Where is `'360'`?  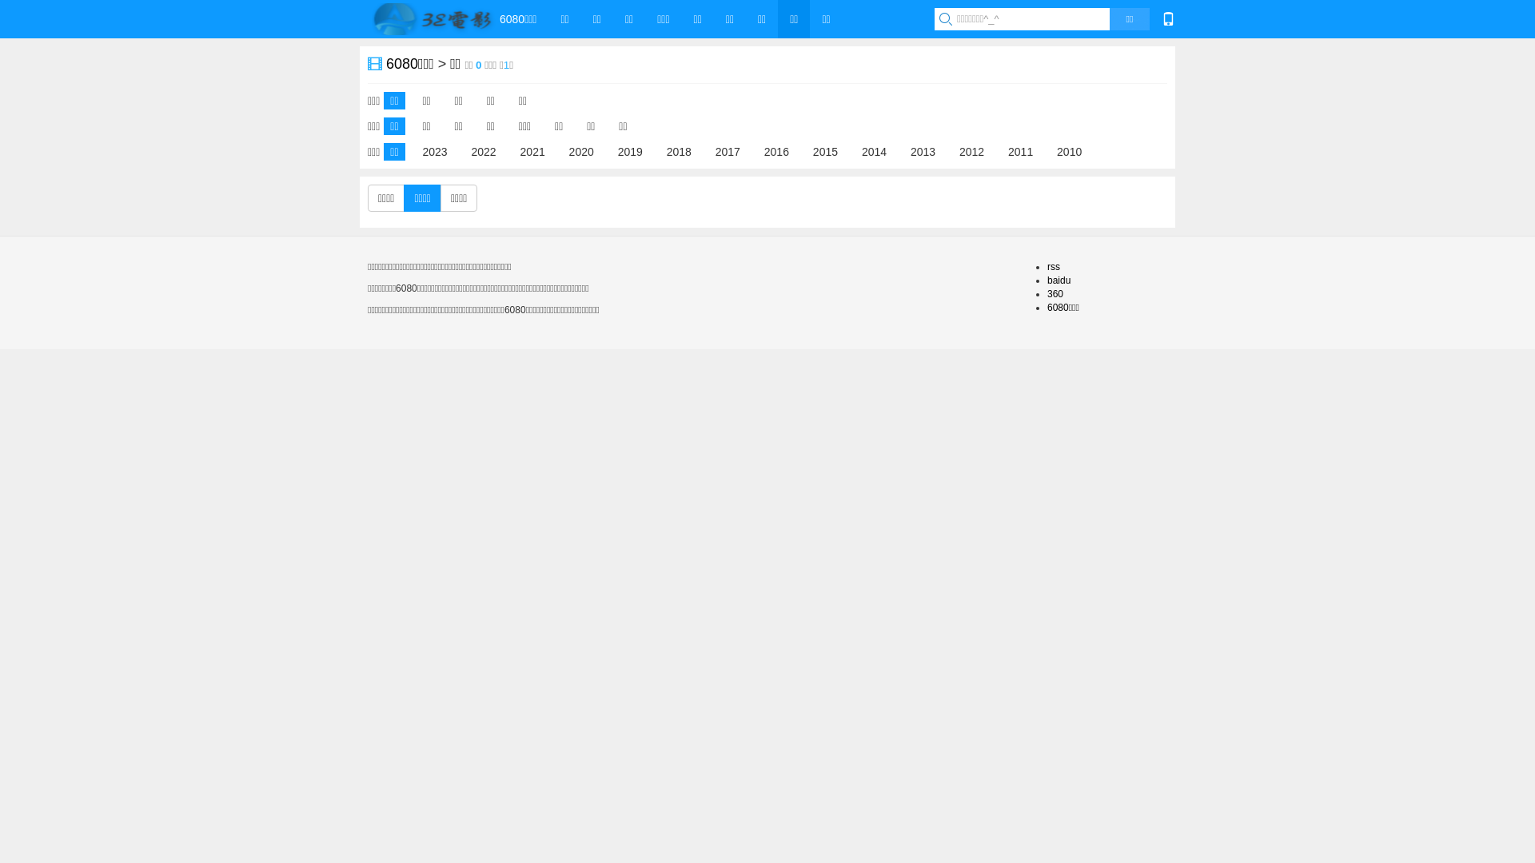 '360' is located at coordinates (1055, 293).